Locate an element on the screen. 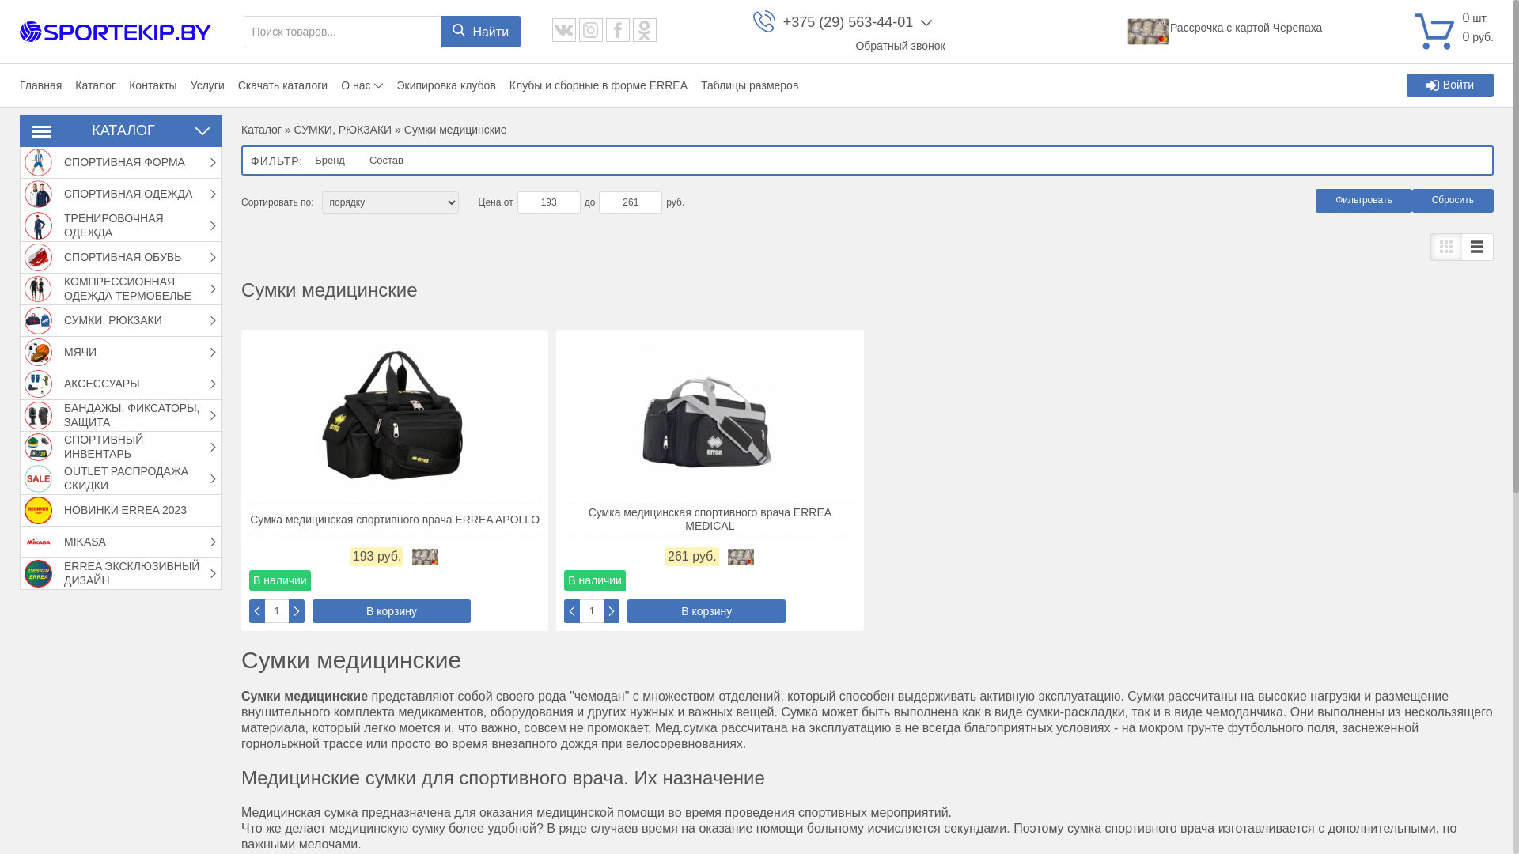  'Instagram' is located at coordinates (590, 30).